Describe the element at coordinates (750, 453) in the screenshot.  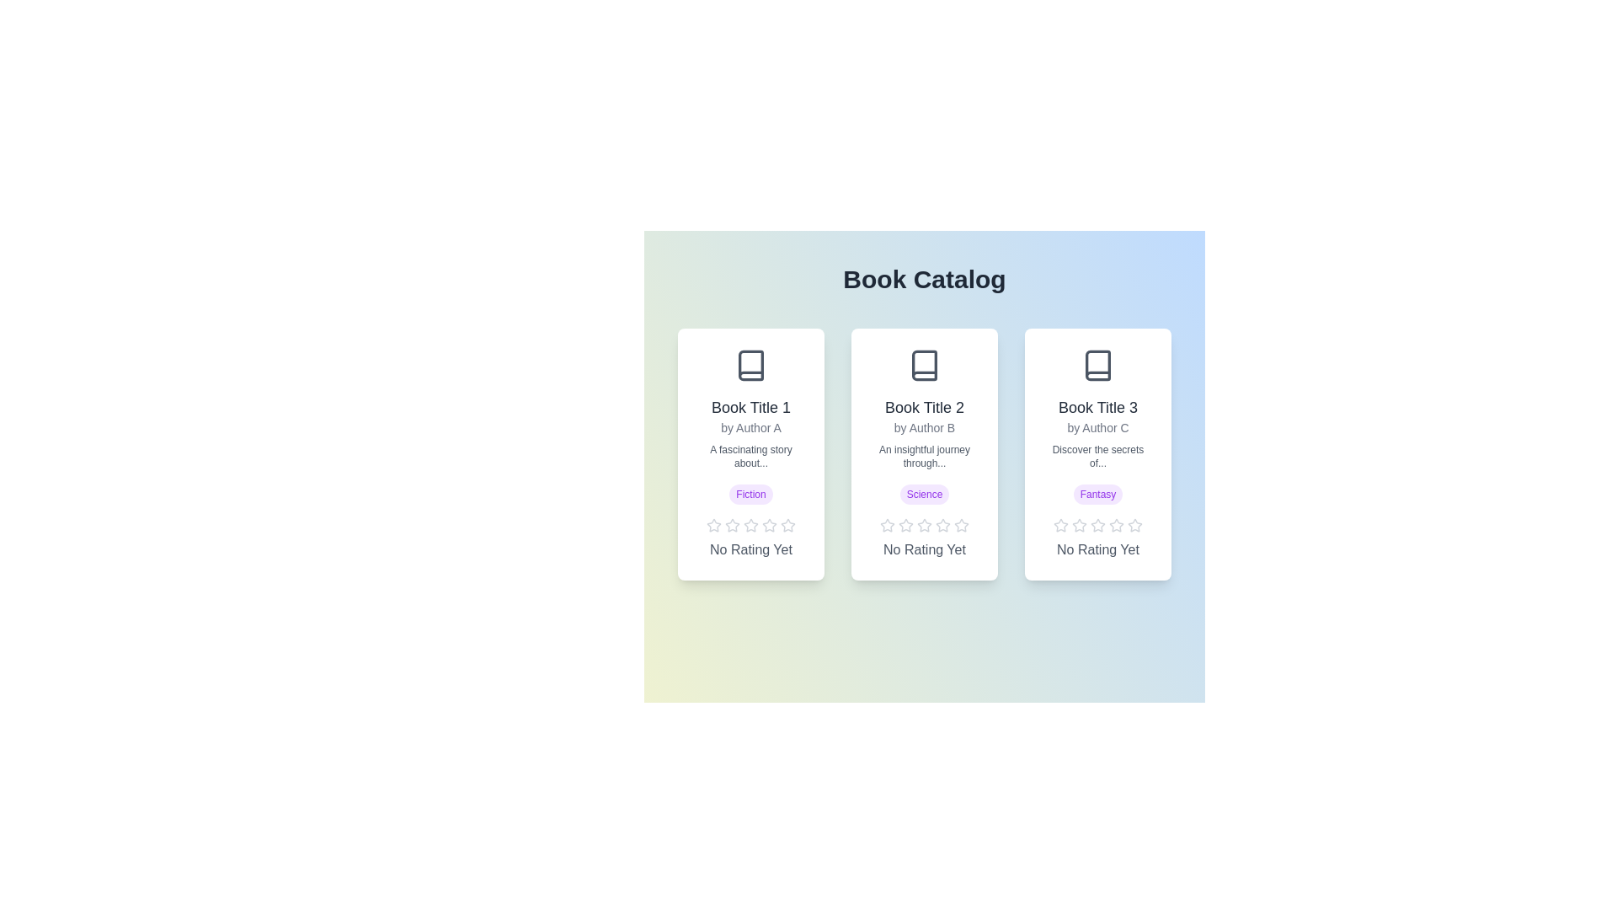
I see `the book card for Book Title 1` at that location.